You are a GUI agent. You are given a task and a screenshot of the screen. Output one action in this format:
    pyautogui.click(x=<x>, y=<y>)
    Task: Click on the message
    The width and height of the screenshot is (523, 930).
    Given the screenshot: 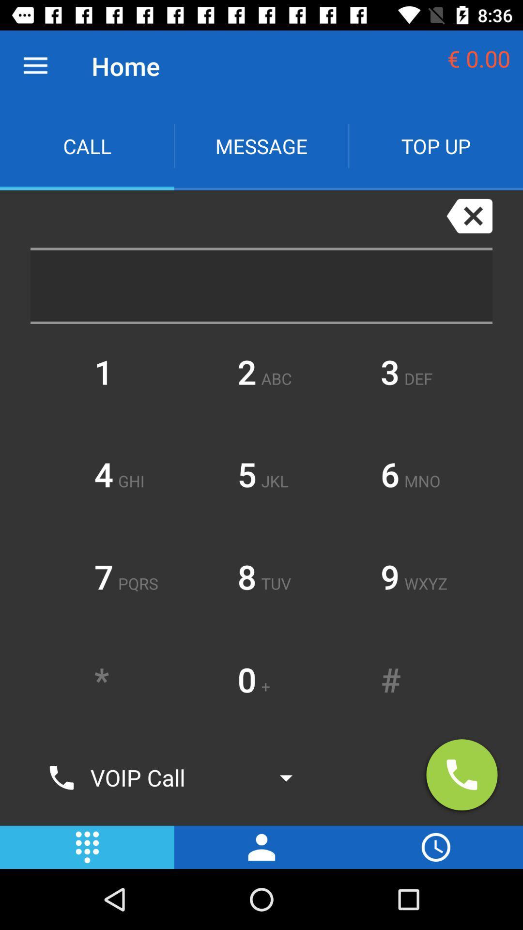 What is the action you would take?
    pyautogui.click(x=261, y=145)
    